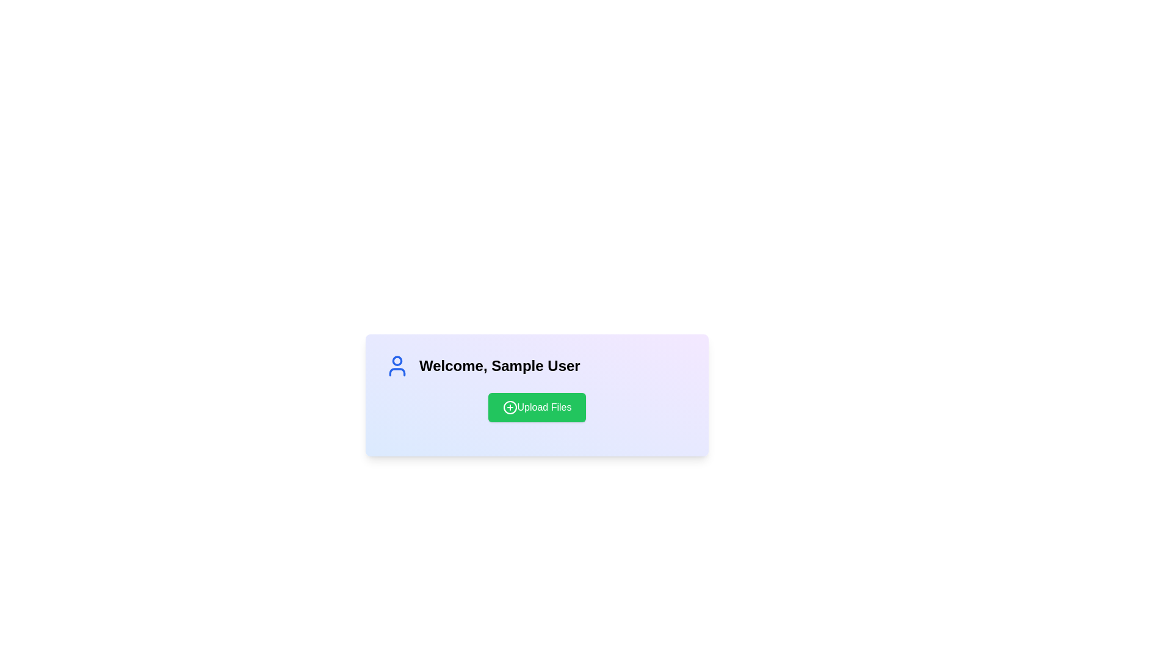 This screenshot has height=659, width=1172. I want to click on the SVG circle element representing the head of a user icon, which is filled with a blue shade and located above an arc resembling shoulders in the user icon graphic, so click(397, 359).